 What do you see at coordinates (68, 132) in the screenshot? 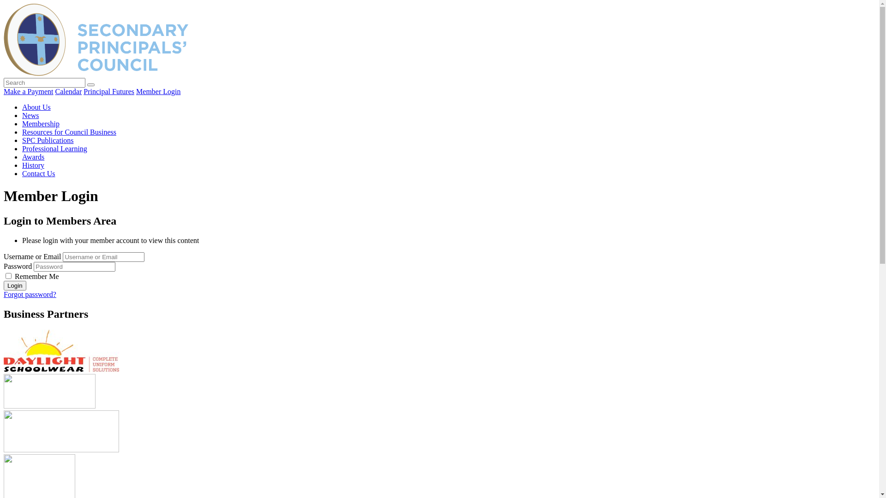
I see `'Resources for Council Business'` at bounding box center [68, 132].